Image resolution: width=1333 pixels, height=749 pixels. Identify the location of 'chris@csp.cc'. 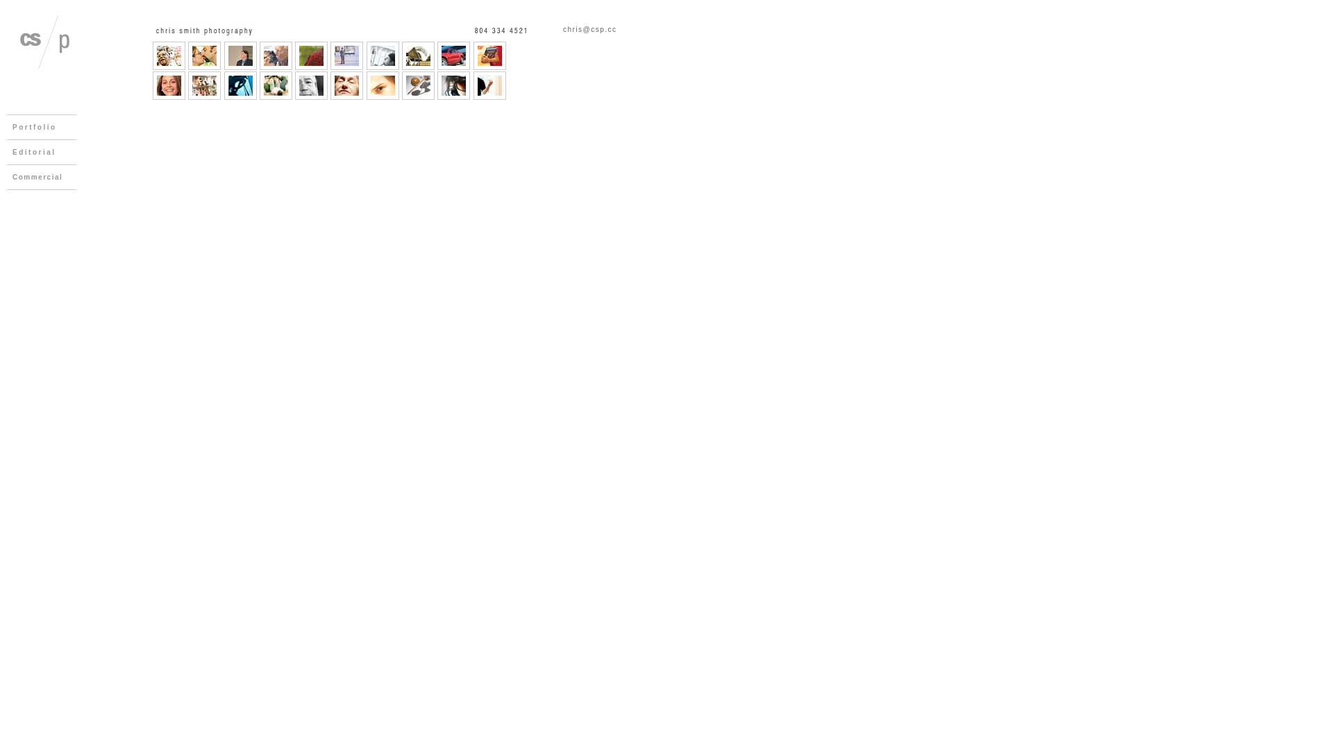
(589, 29).